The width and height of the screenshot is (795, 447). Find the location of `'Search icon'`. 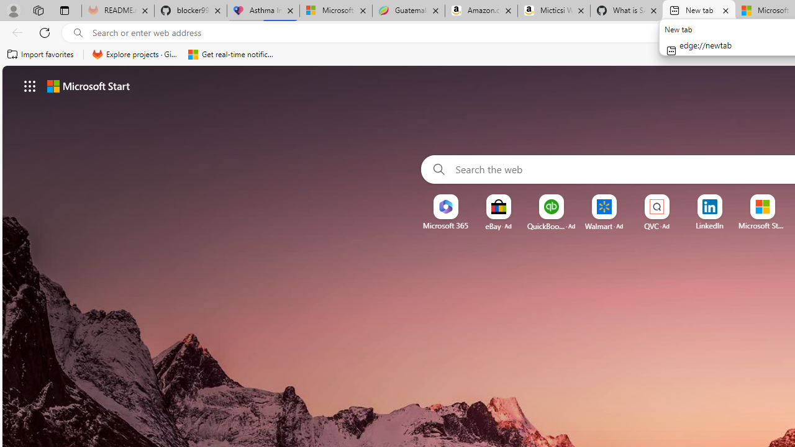

'Search icon' is located at coordinates (78, 32).